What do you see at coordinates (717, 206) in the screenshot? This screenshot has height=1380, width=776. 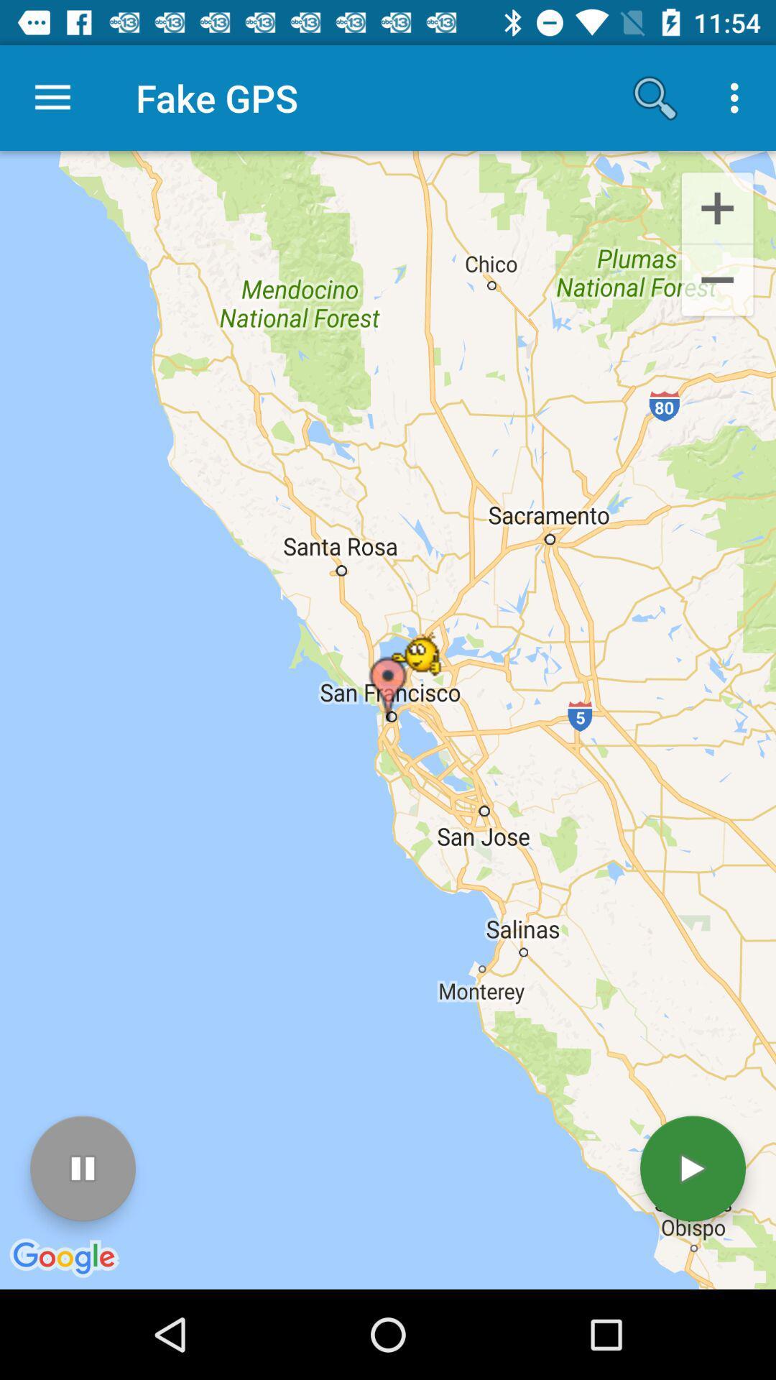 I see `the add icon` at bounding box center [717, 206].